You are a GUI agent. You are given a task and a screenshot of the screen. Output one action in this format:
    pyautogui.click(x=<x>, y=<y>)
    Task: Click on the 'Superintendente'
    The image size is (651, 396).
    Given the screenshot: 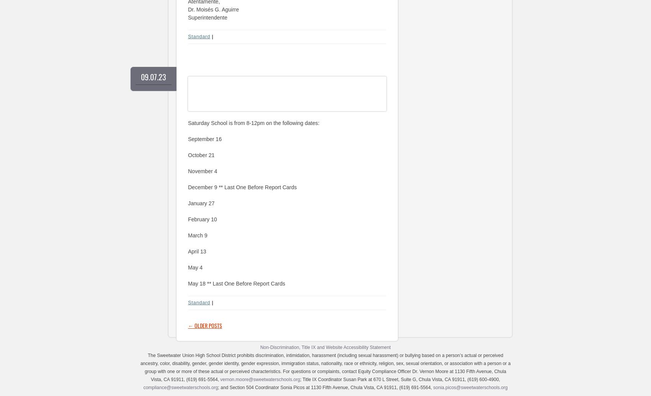 What is the action you would take?
    pyautogui.click(x=207, y=17)
    